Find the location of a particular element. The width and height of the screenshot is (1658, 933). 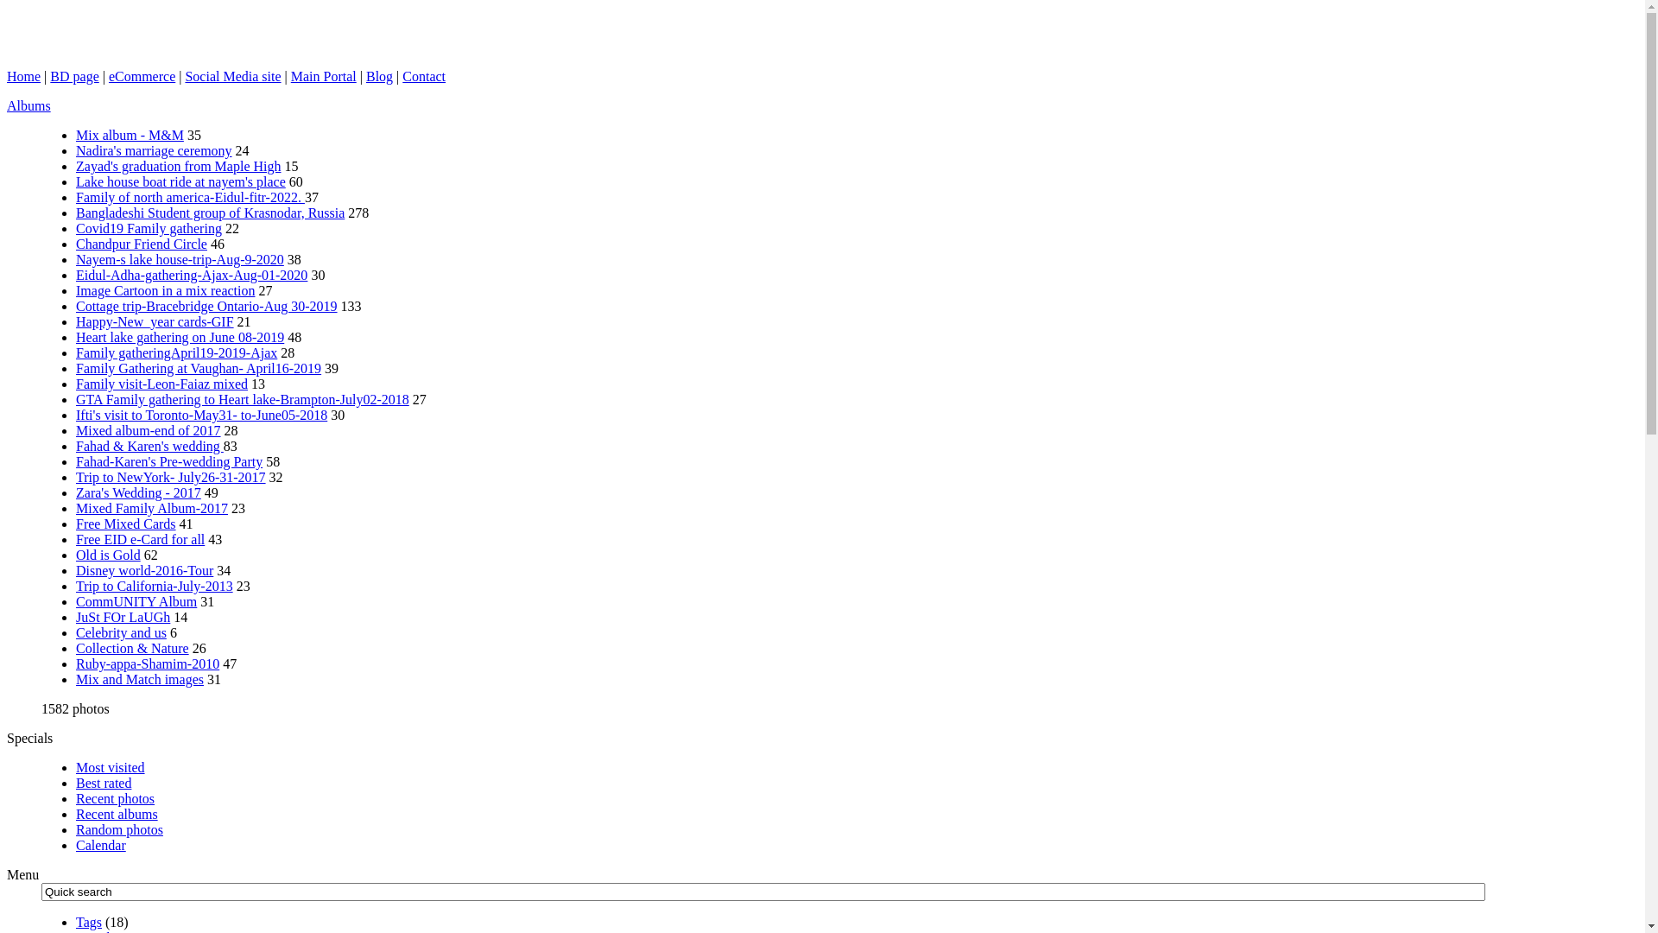

'Zayad's graduation from Maple High' is located at coordinates (178, 166).